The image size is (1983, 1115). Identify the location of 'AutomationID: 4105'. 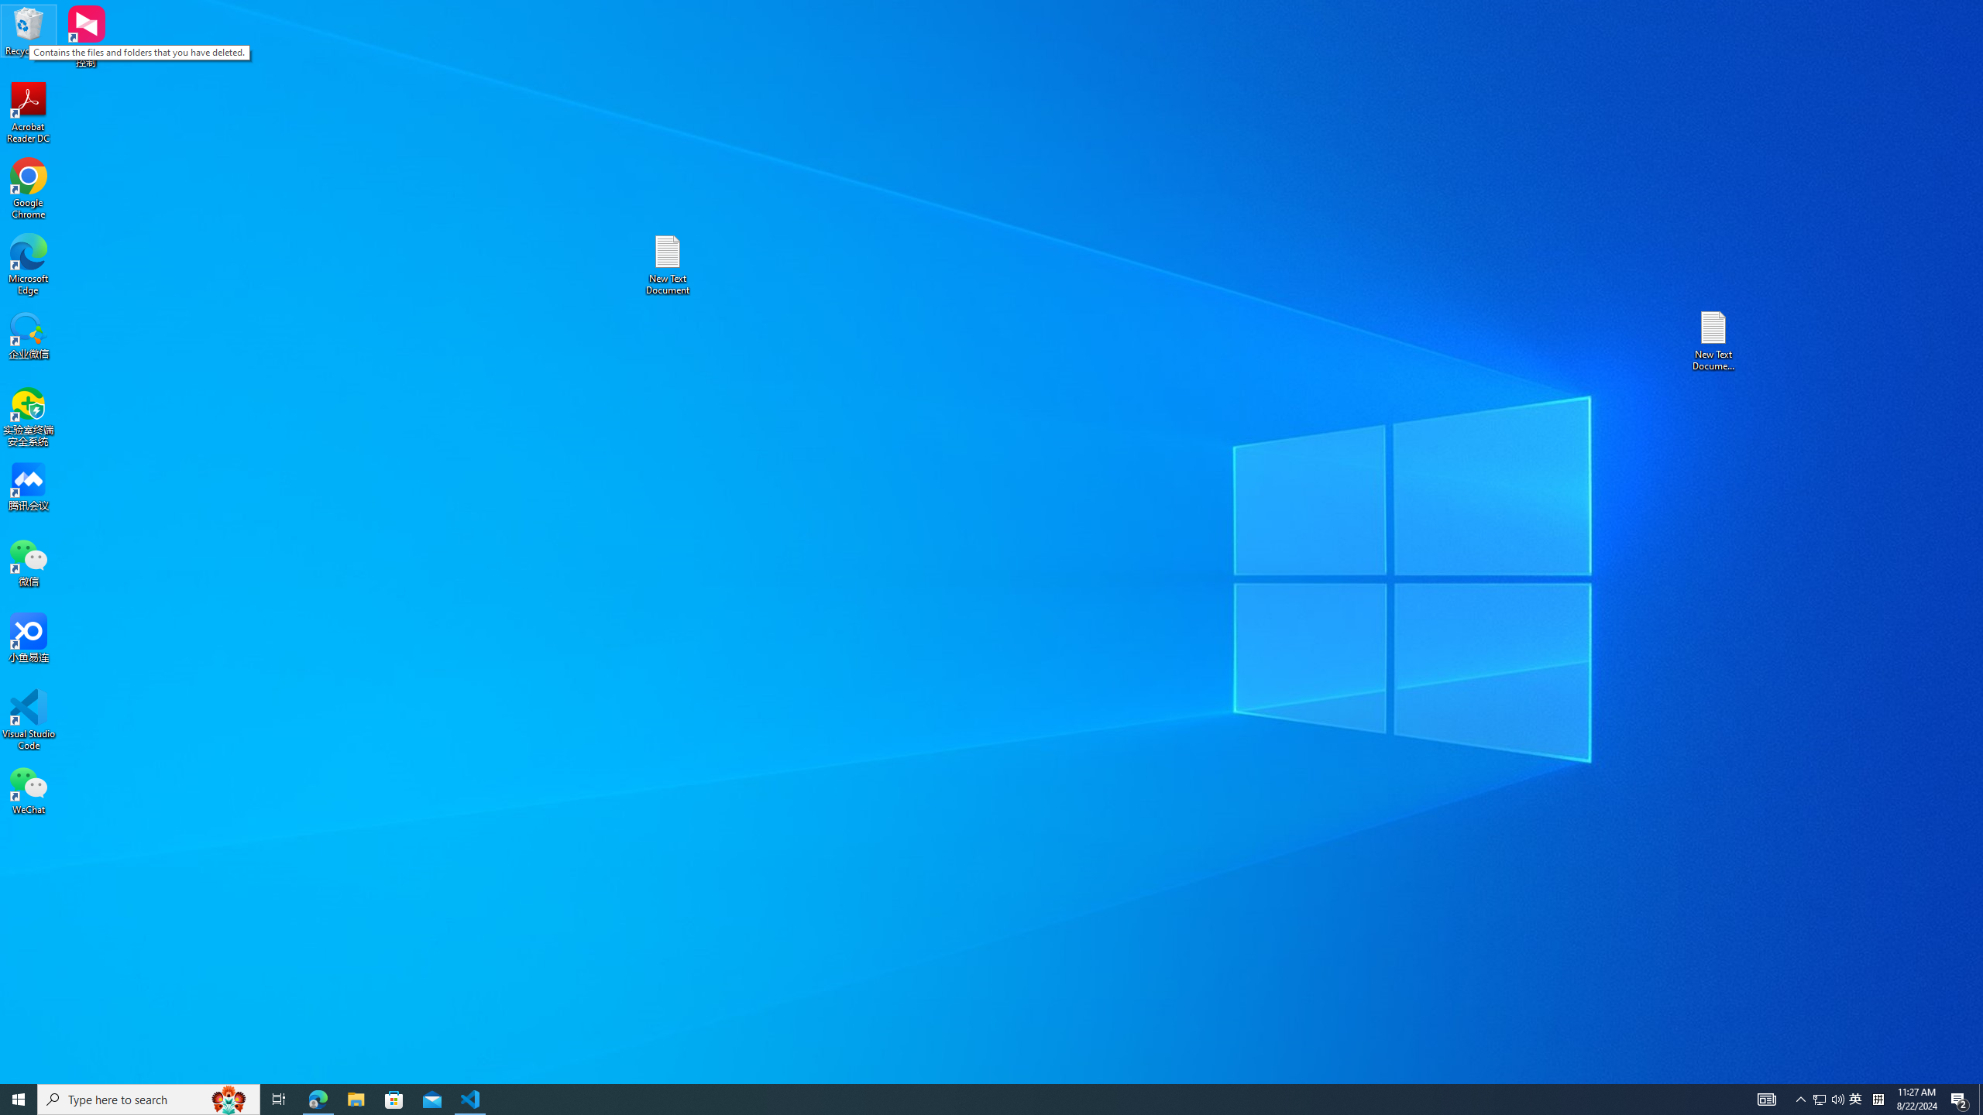
(1765, 1098).